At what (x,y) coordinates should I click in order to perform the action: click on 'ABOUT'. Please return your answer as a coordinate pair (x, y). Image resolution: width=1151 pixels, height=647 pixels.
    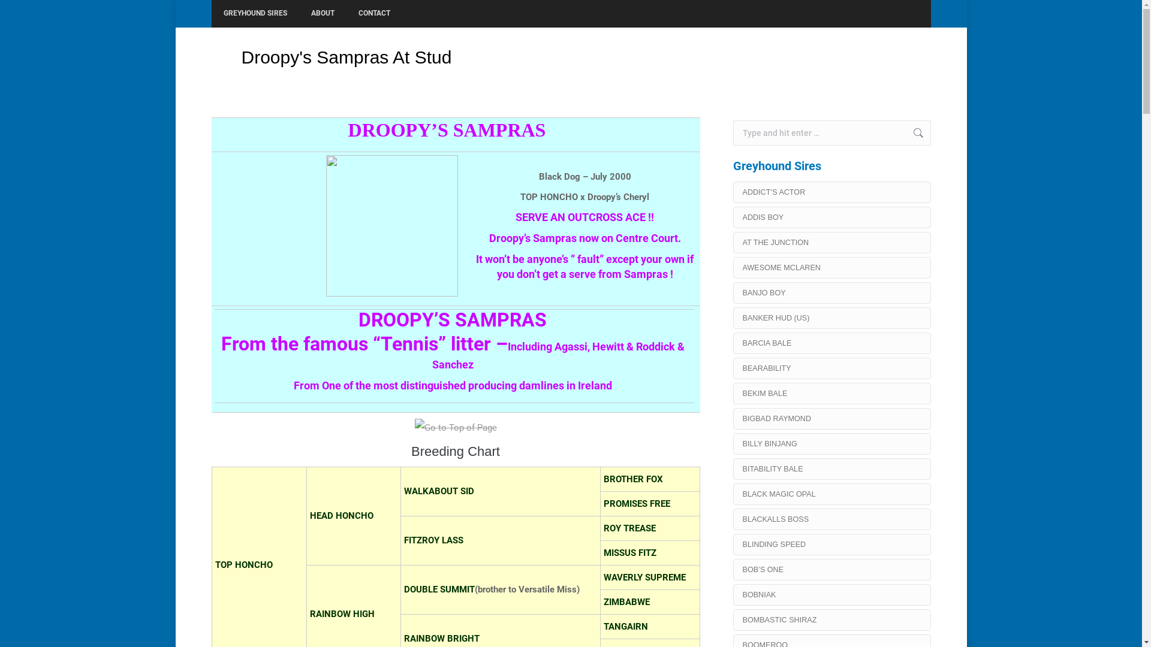
    Looking at the image, I should click on (322, 14).